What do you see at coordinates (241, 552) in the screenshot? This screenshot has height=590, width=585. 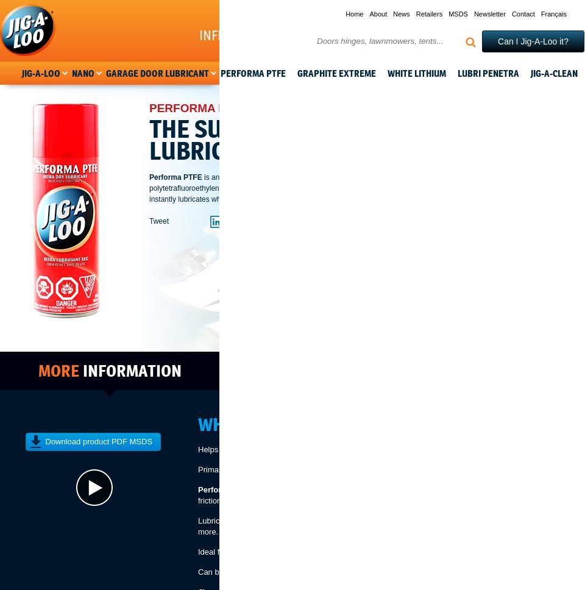 I see `'Ideal for metal and glass.'` at bounding box center [241, 552].